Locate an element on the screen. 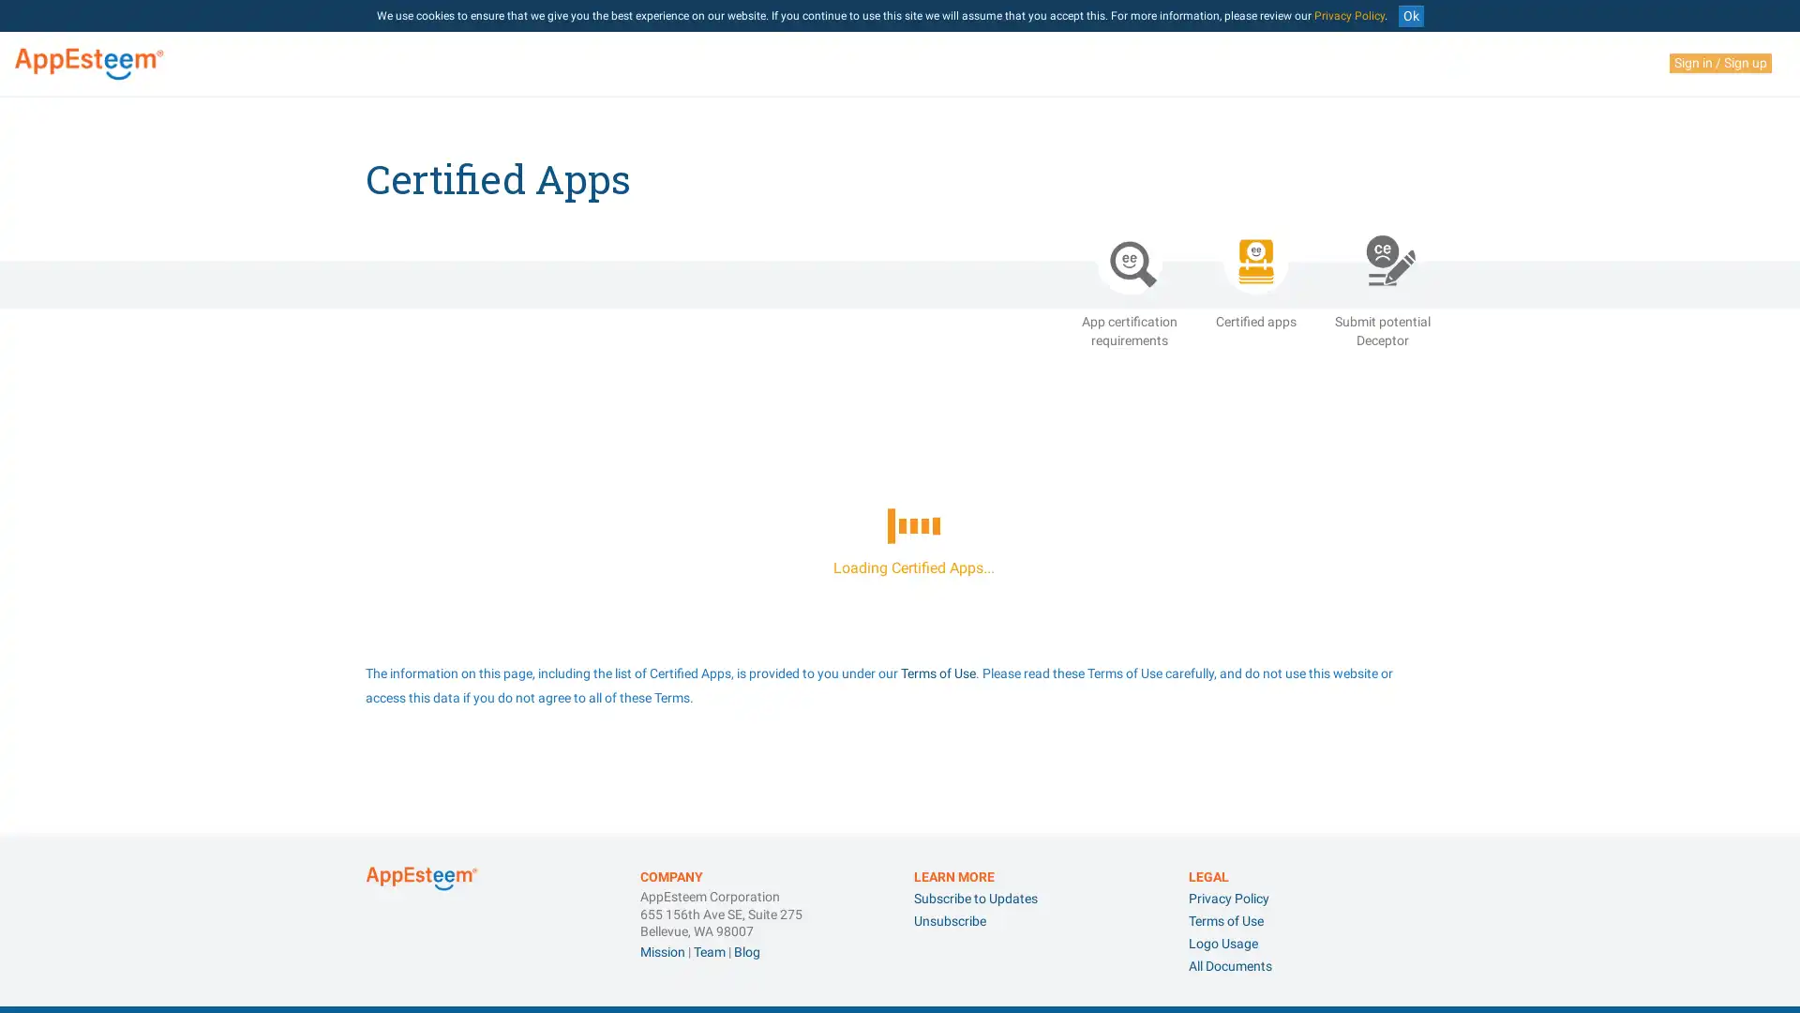 The width and height of the screenshot is (1800, 1013). Ok is located at coordinates (1410, 16).